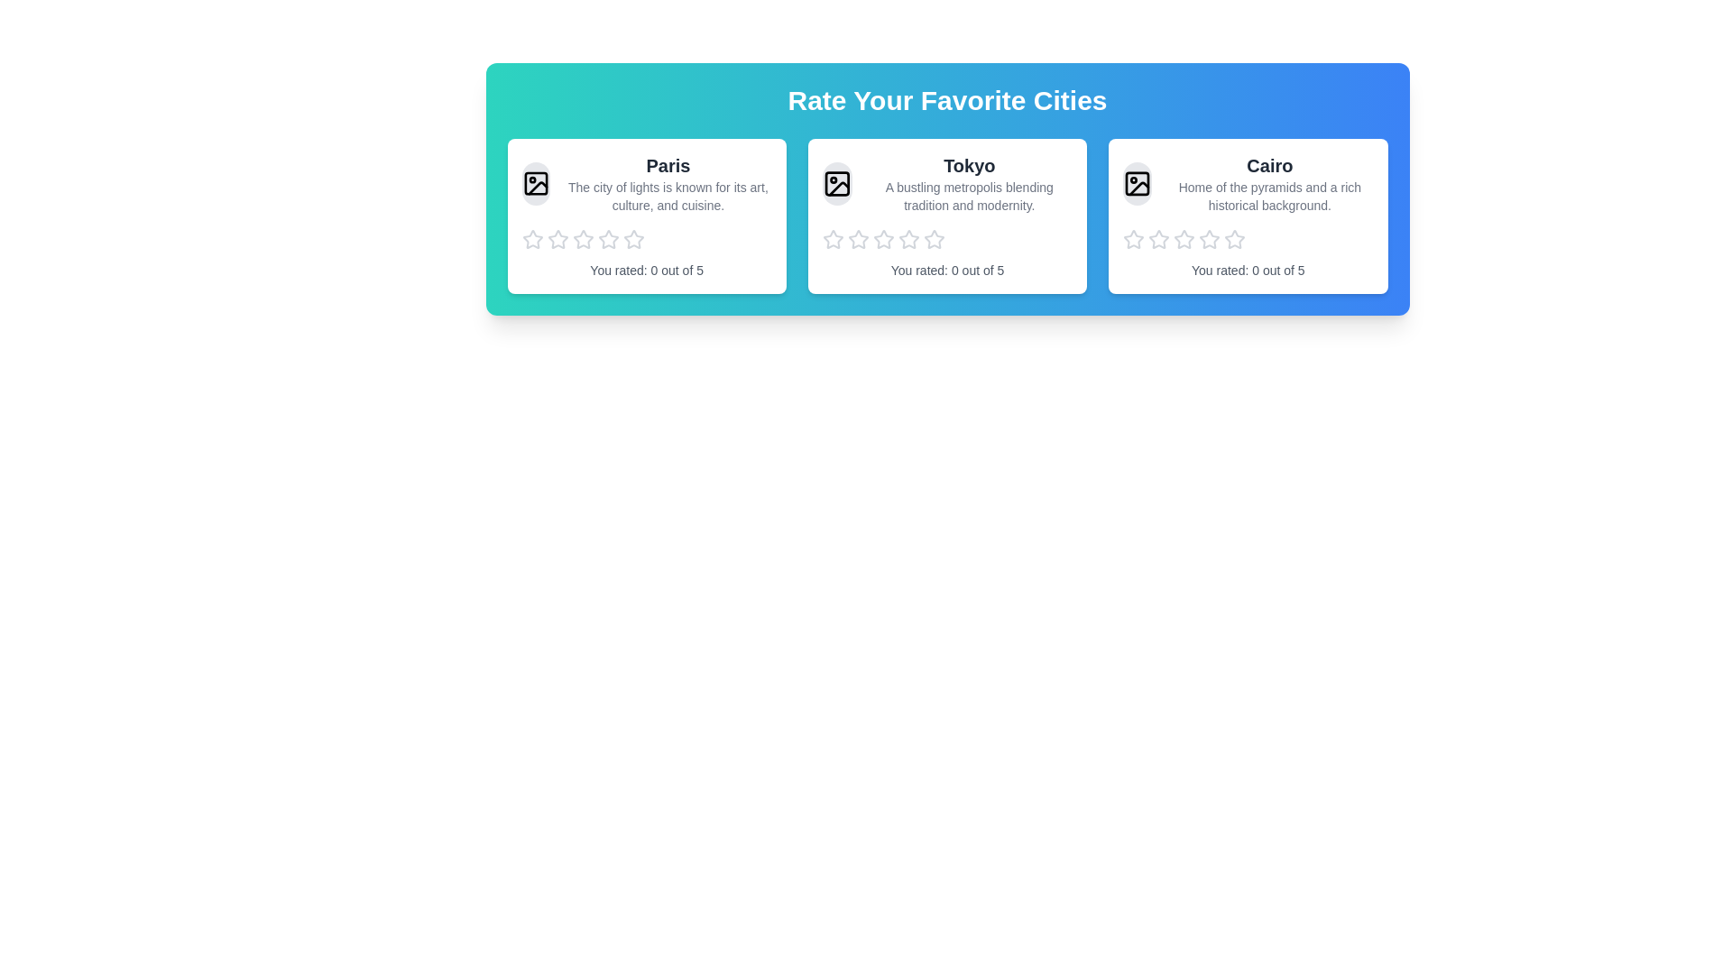 This screenshot has height=974, width=1732. What do you see at coordinates (1268, 197) in the screenshot?
I see `the descriptive text about Cairo located in the rightmost card under the title 'Cairo', positioned directly below the title and above the rating stars` at bounding box center [1268, 197].